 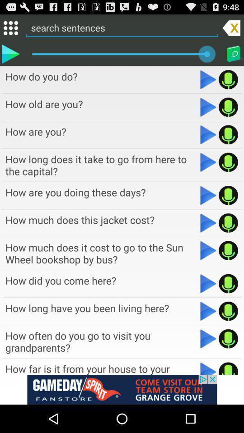 I want to click on it is a searching key, so click(x=208, y=134).